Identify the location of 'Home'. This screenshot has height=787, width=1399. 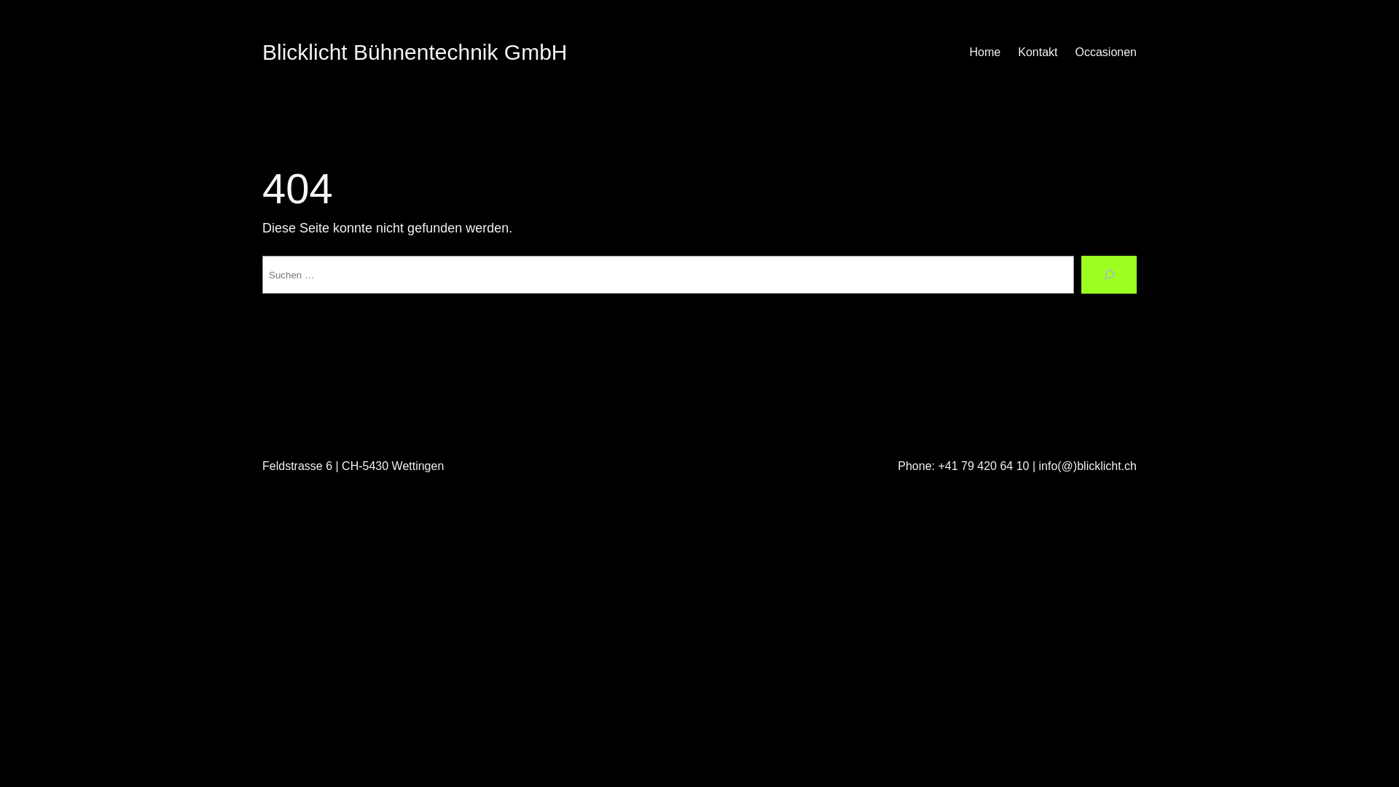
(985, 52).